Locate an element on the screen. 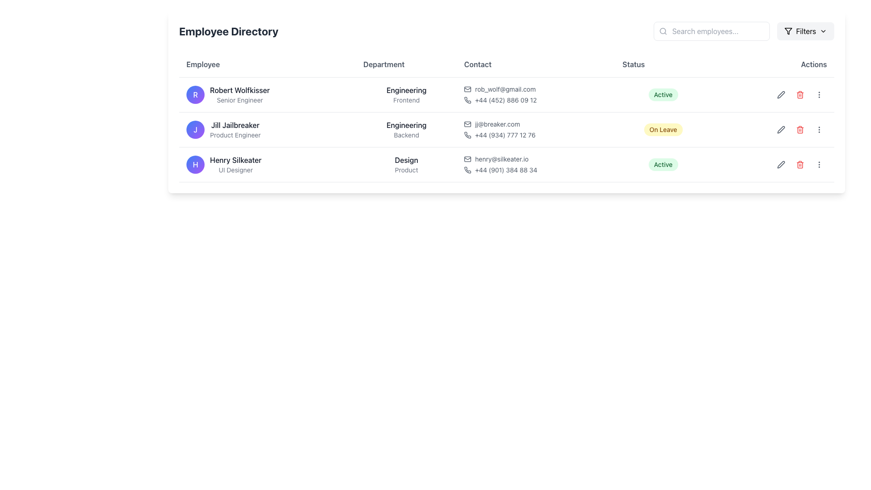 The image size is (871, 490). the third row of the 'Employee Directory' table is located at coordinates (506, 164).